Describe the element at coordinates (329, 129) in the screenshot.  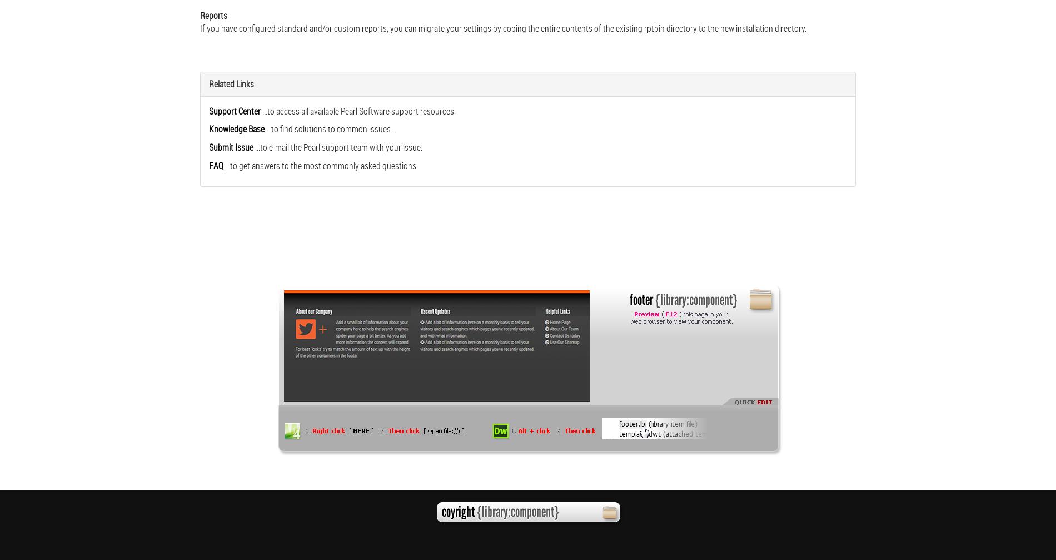
I see `'...to find solutions to common issues.'` at that location.